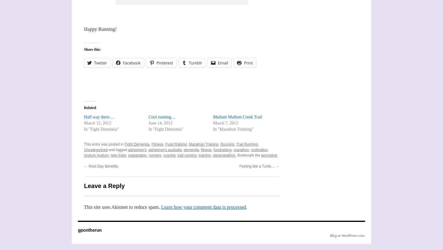 The height and width of the screenshot is (250, 443). I want to click on 'Running', so click(227, 144).